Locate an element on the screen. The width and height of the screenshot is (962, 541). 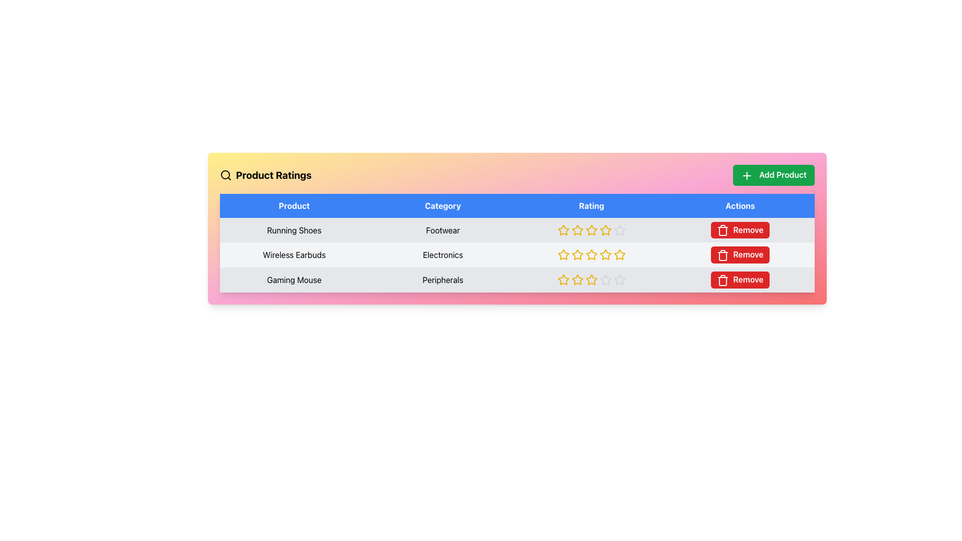
the search icon located at the top-left corner of the 'Product Ratings' header, adjacent to the text 'Product Ratings' is located at coordinates (225, 174).